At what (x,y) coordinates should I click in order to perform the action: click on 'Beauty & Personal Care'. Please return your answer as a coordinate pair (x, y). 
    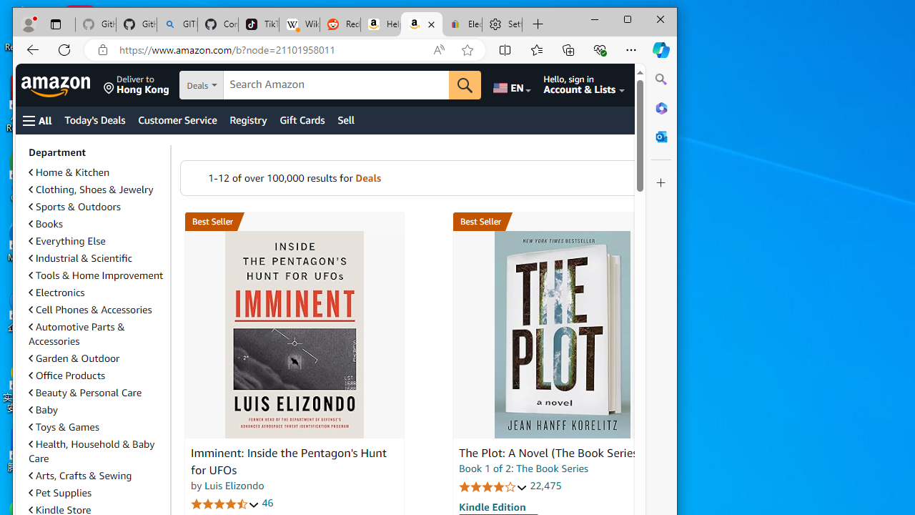
    Looking at the image, I should click on (96, 393).